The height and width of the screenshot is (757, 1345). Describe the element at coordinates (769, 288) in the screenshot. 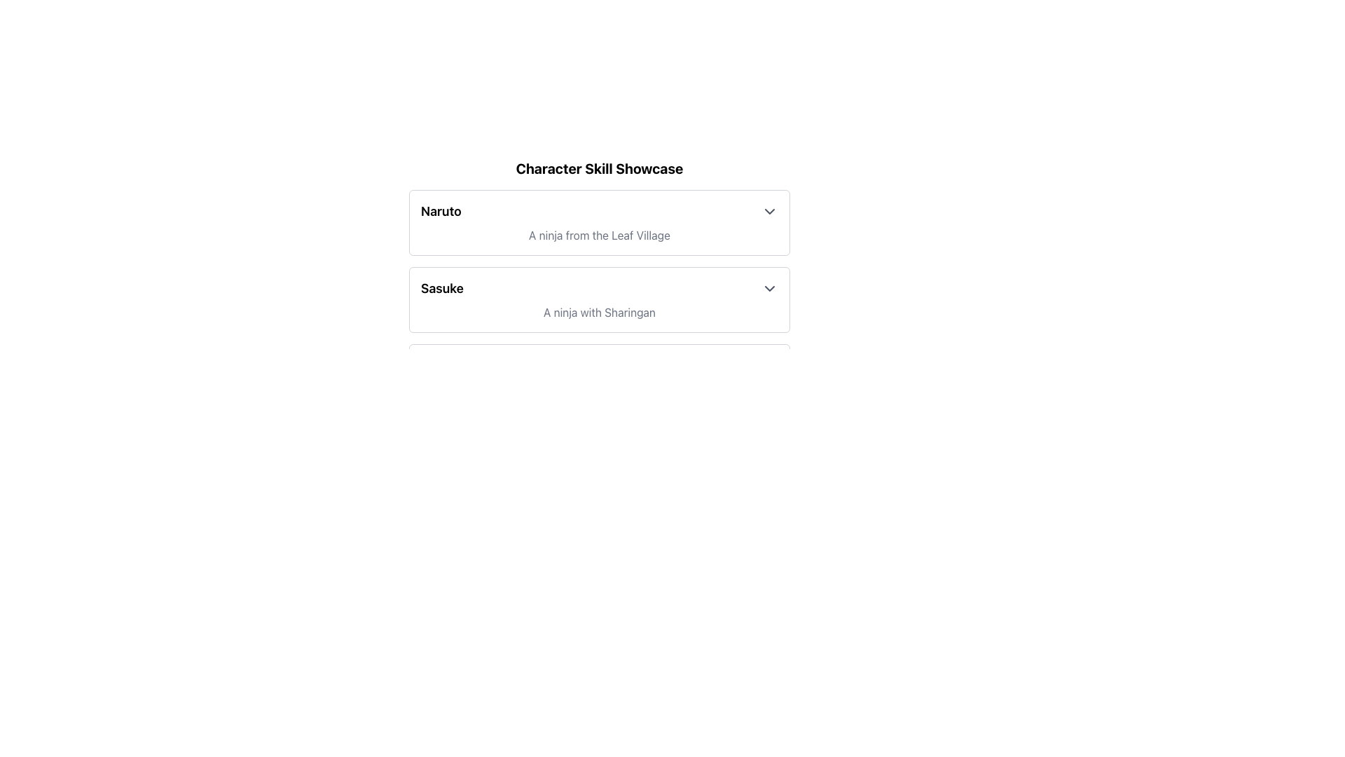

I see `the dropdown icon button located to the far right of the 'Sasuke' entry` at that location.